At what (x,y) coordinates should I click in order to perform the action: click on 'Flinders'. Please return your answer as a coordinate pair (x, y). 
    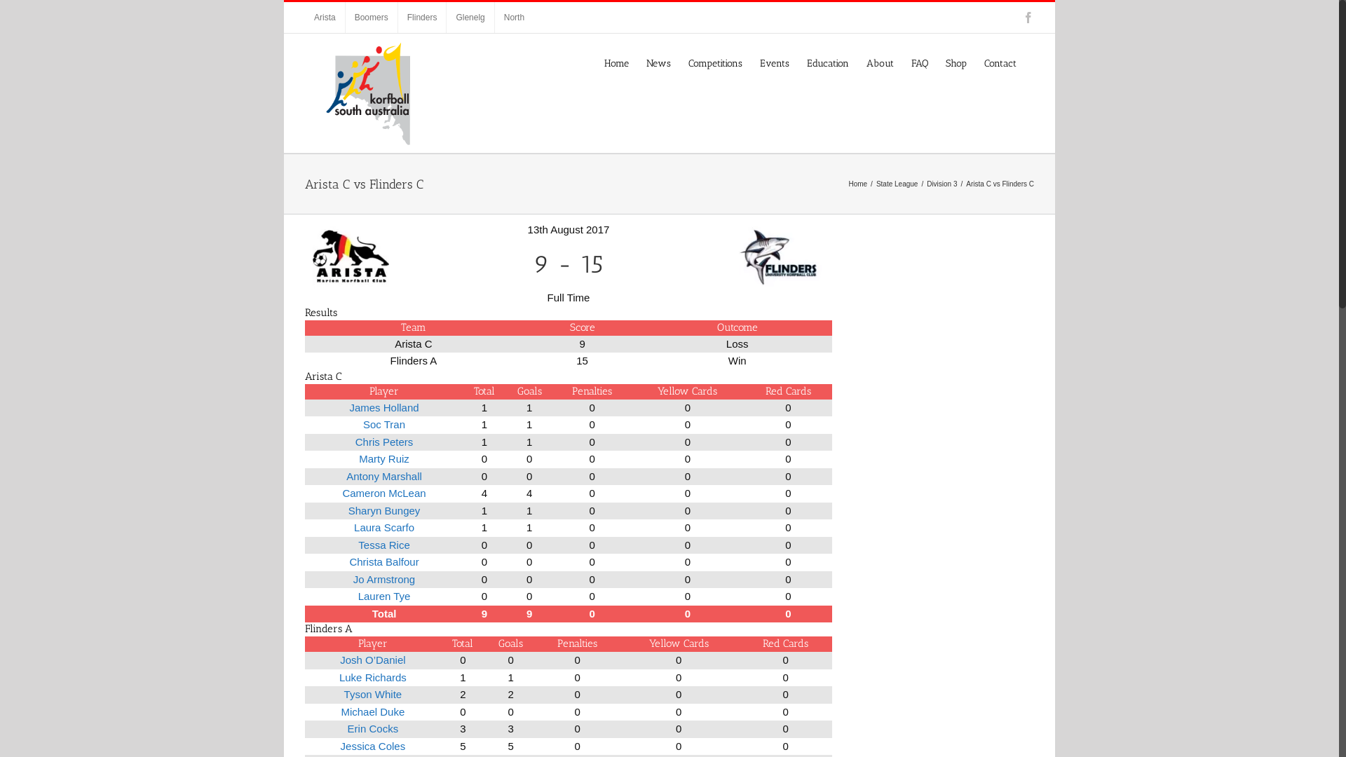
    Looking at the image, I should click on (421, 17).